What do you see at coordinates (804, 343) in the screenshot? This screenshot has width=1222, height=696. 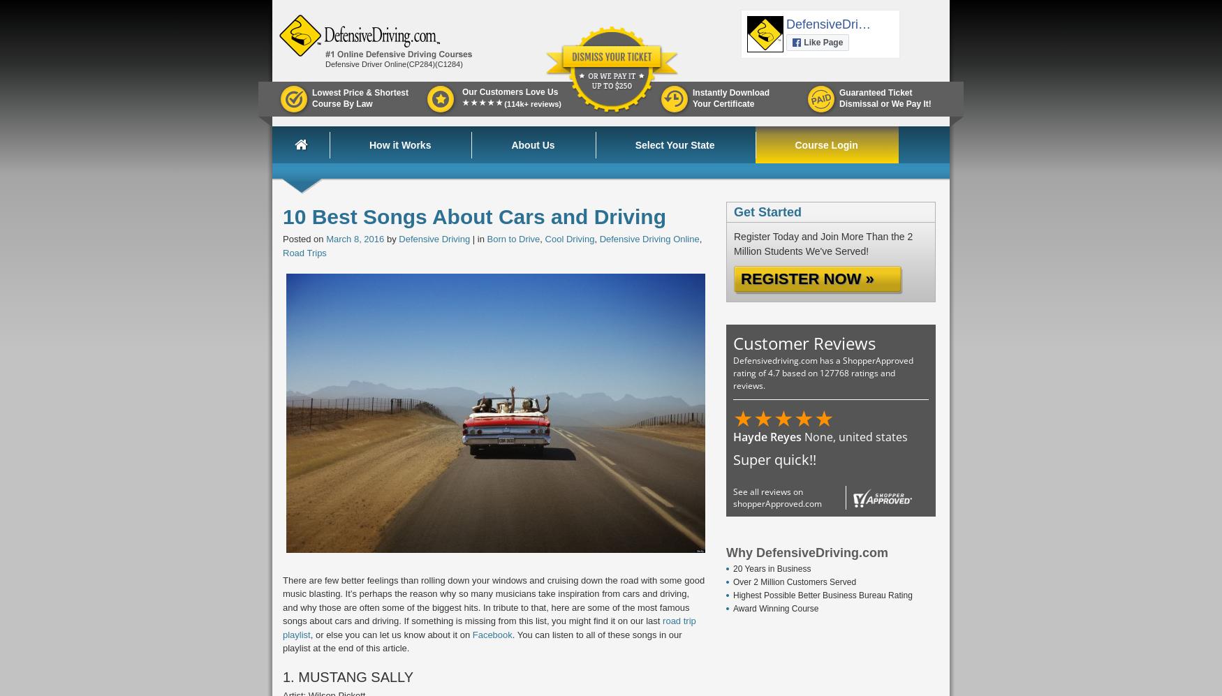 I see `'Customer Reviews'` at bounding box center [804, 343].